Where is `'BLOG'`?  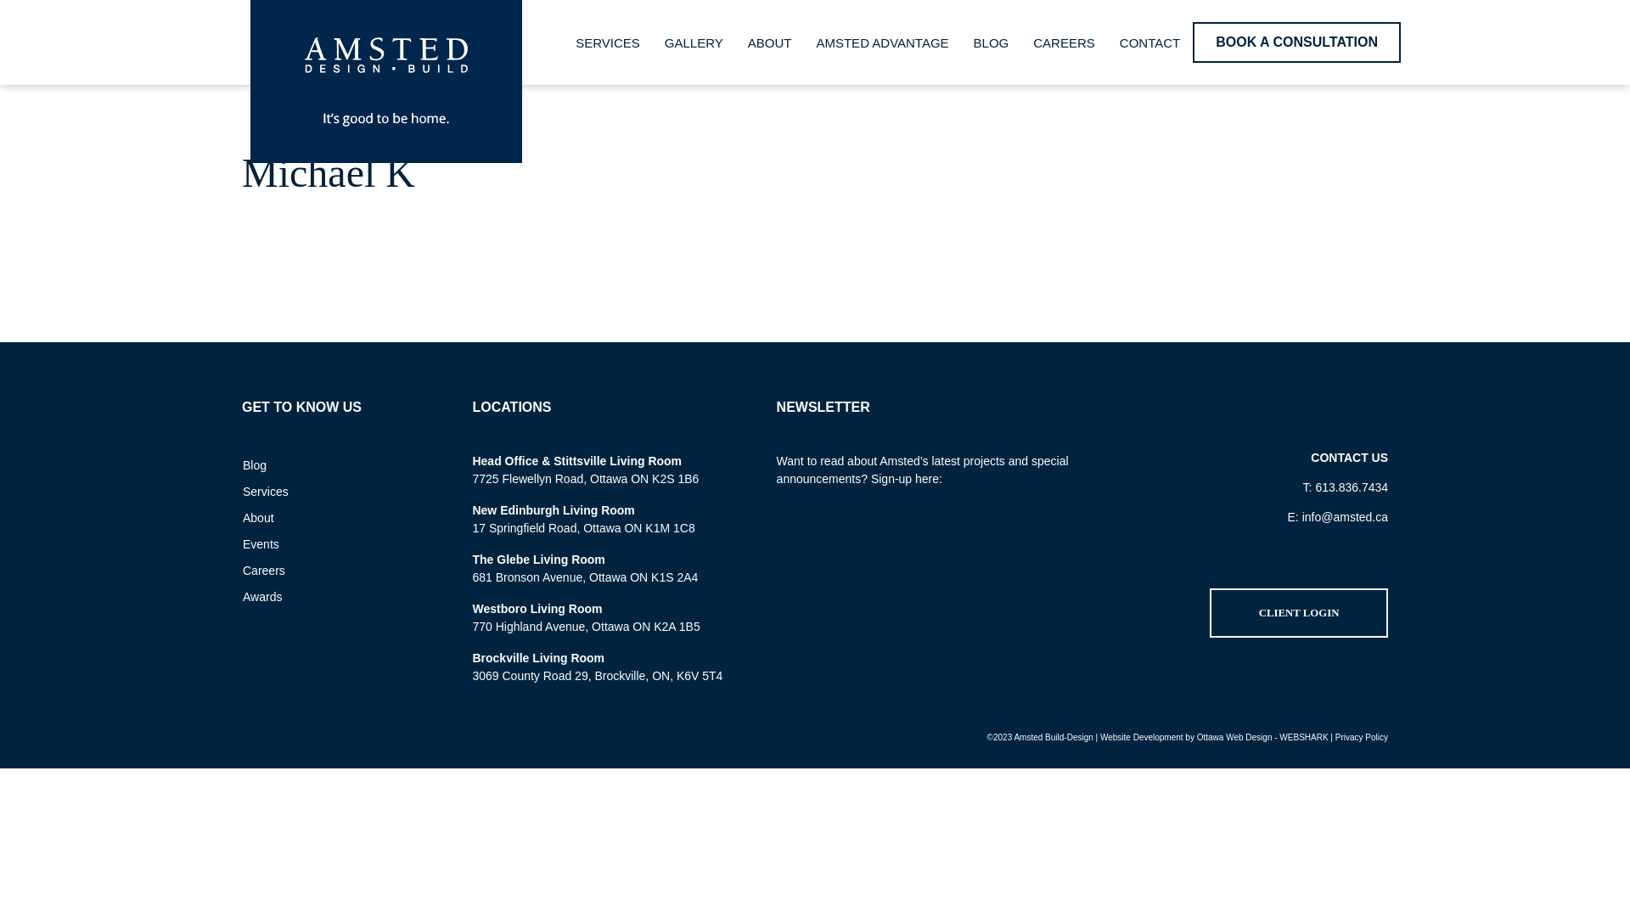 'BLOG' is located at coordinates (991, 41).